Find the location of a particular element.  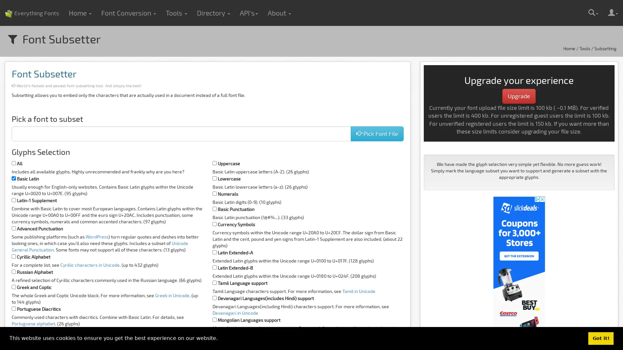

Choose Files is located at coordinates (302, 131).